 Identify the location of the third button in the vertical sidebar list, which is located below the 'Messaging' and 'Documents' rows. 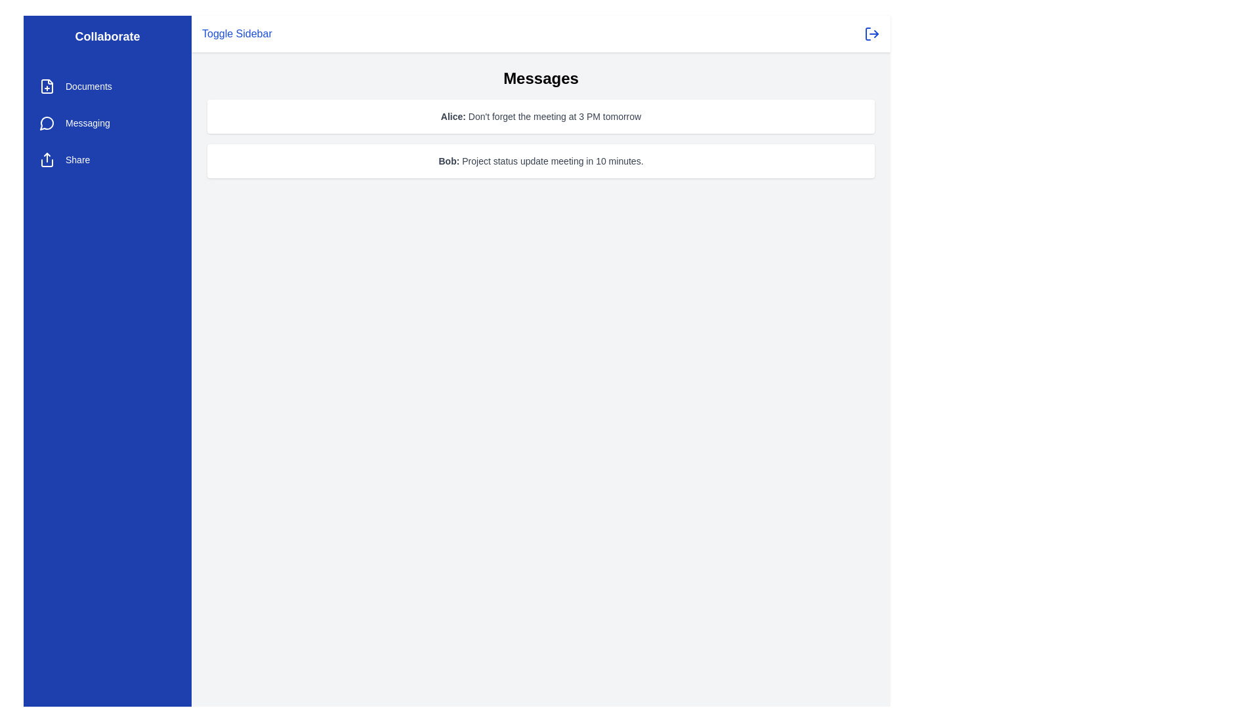
(107, 159).